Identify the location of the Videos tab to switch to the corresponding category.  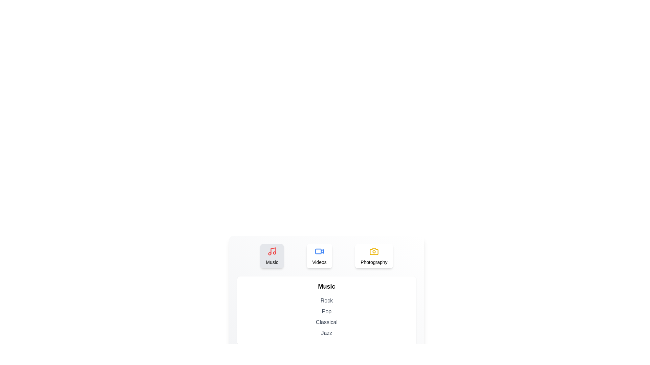
(319, 256).